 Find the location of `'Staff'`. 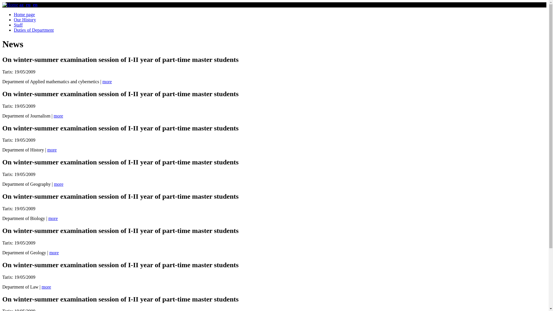

'Staff' is located at coordinates (18, 24).